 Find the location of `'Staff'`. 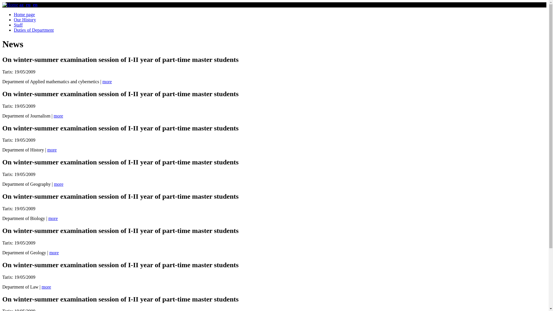

'Staff' is located at coordinates (18, 24).